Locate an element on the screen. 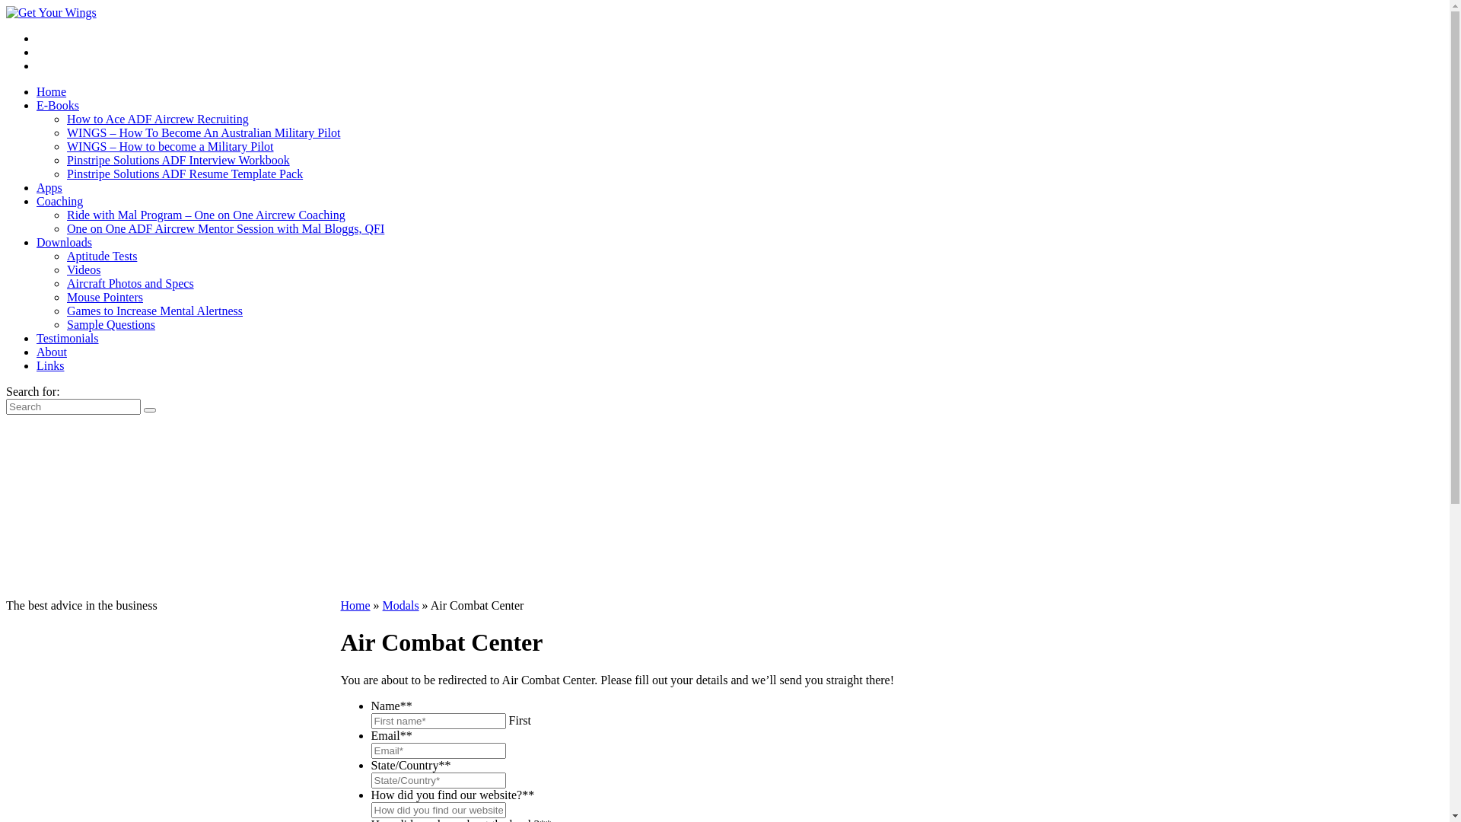  'Links' is located at coordinates (37, 365).